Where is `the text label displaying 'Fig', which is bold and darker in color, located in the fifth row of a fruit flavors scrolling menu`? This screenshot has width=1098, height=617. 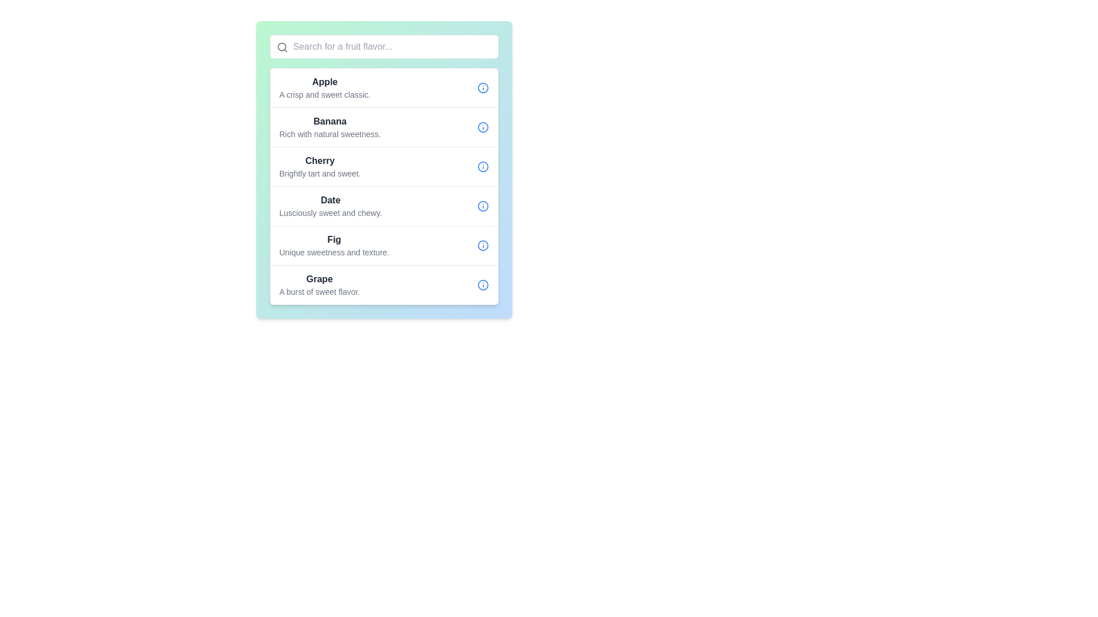 the text label displaying 'Fig', which is bold and darker in color, located in the fifth row of a fruit flavors scrolling menu is located at coordinates (333, 239).